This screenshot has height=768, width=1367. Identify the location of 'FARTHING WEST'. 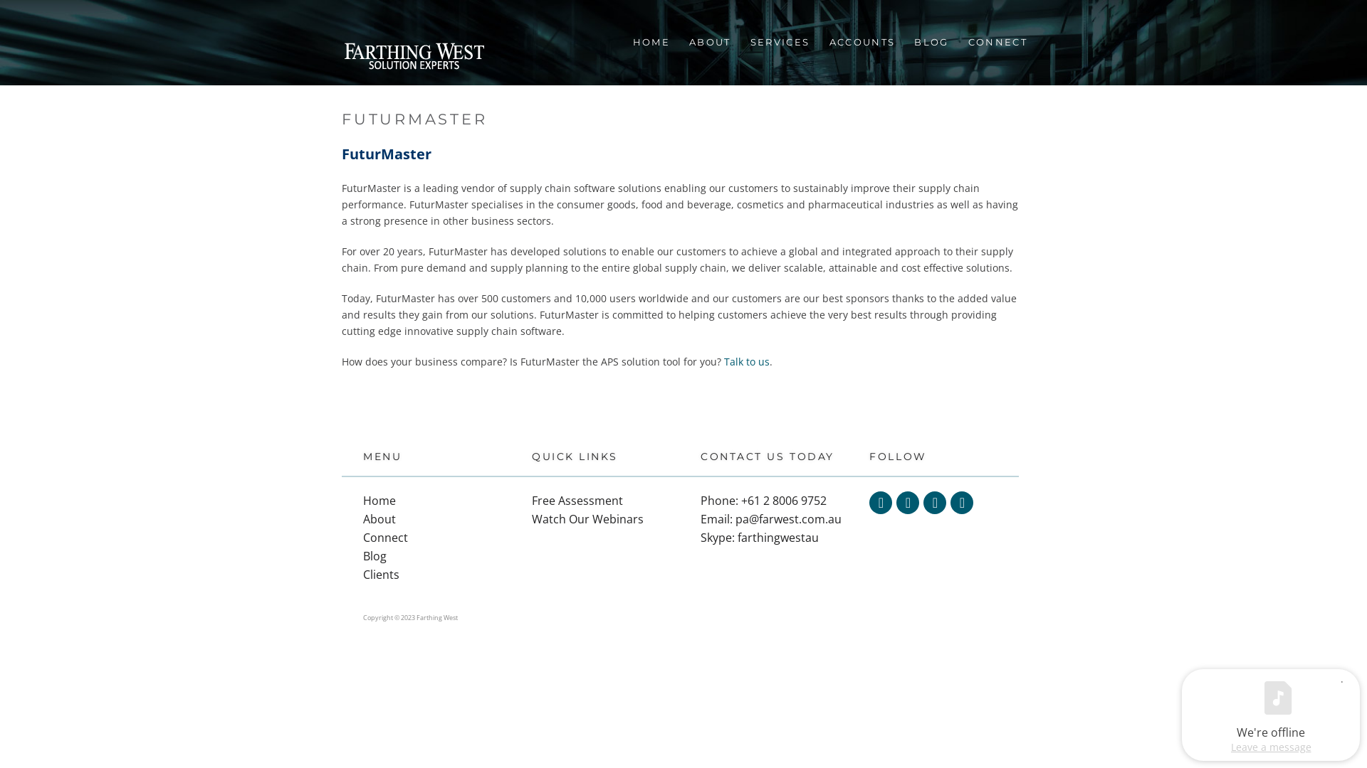
(413, 57).